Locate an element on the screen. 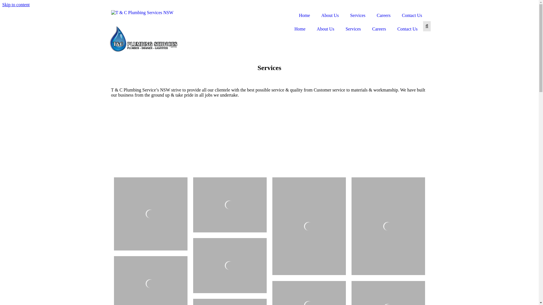 Image resolution: width=543 pixels, height=305 pixels. 'Skip to content' is located at coordinates (16, 5).